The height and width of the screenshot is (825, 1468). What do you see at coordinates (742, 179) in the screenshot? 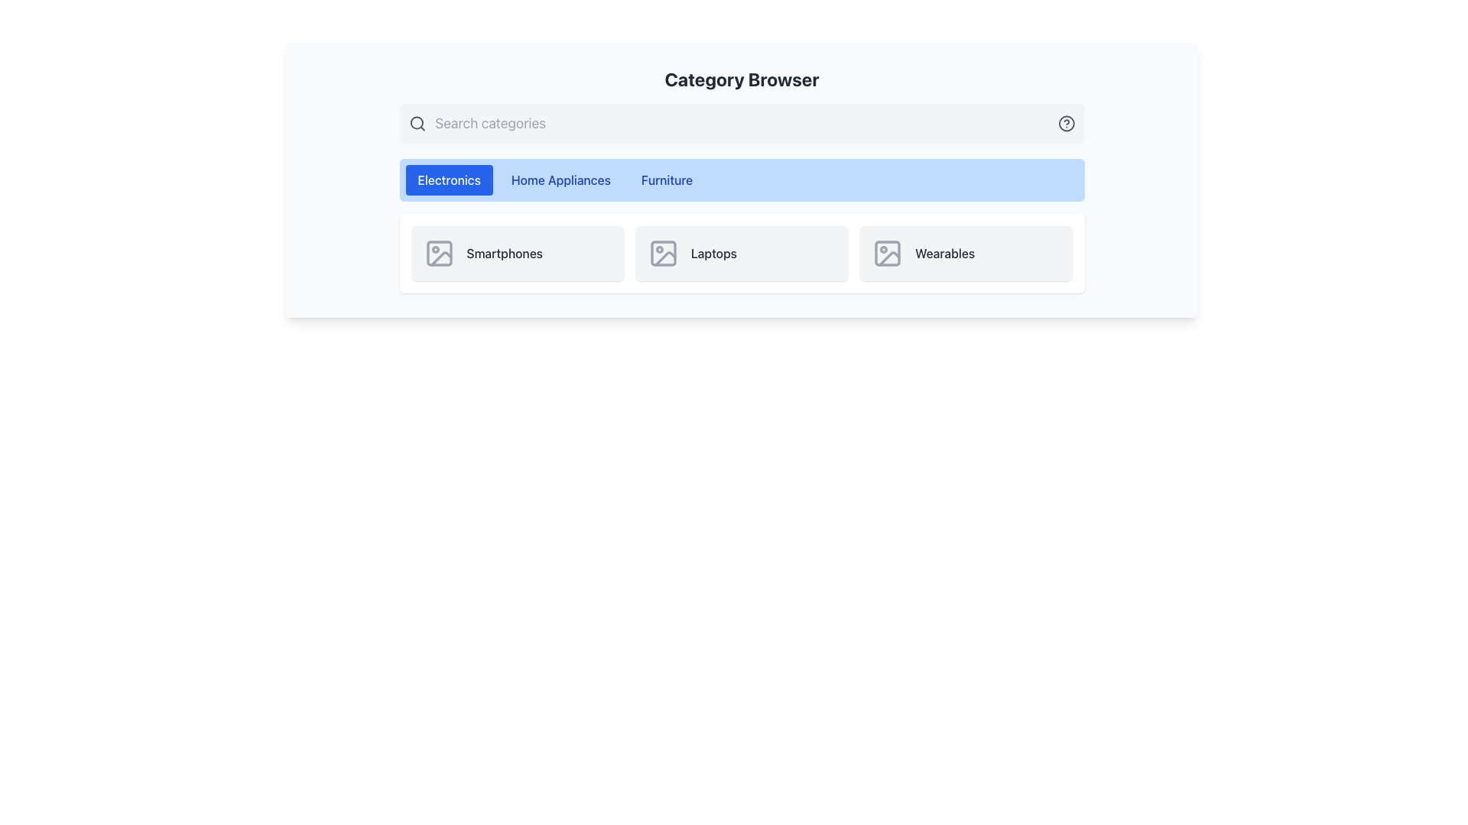
I see `the 'Home Appliances' tab in the category browser` at bounding box center [742, 179].